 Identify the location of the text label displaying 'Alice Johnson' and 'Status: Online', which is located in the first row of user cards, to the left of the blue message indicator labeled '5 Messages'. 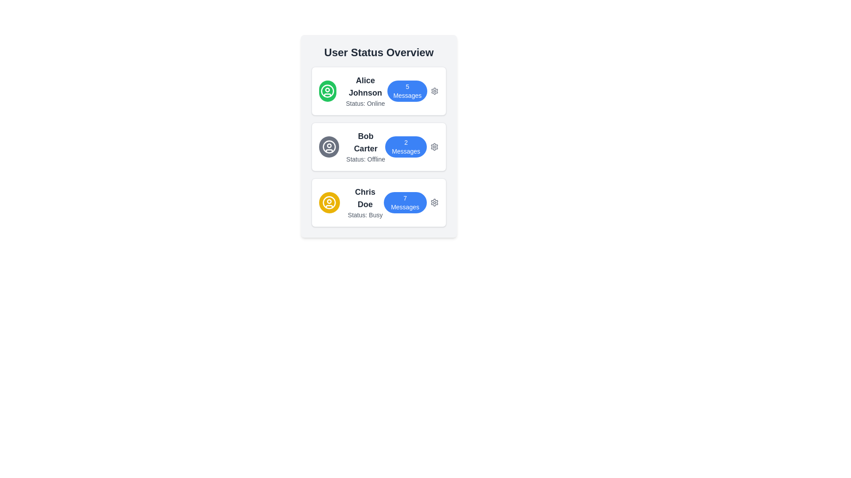
(353, 91).